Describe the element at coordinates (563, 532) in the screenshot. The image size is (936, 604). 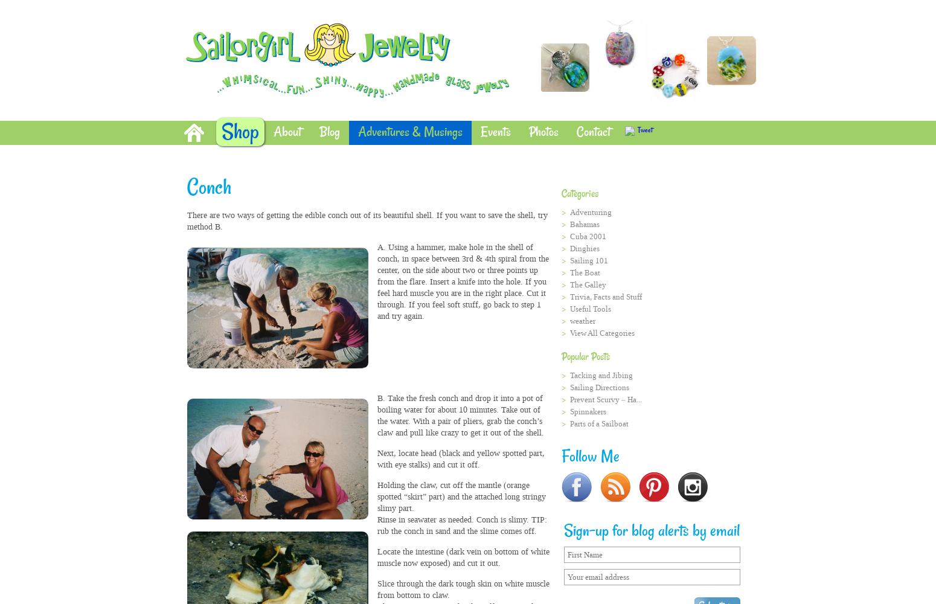
I see `'Sign-up for blog alerts by email'` at that location.